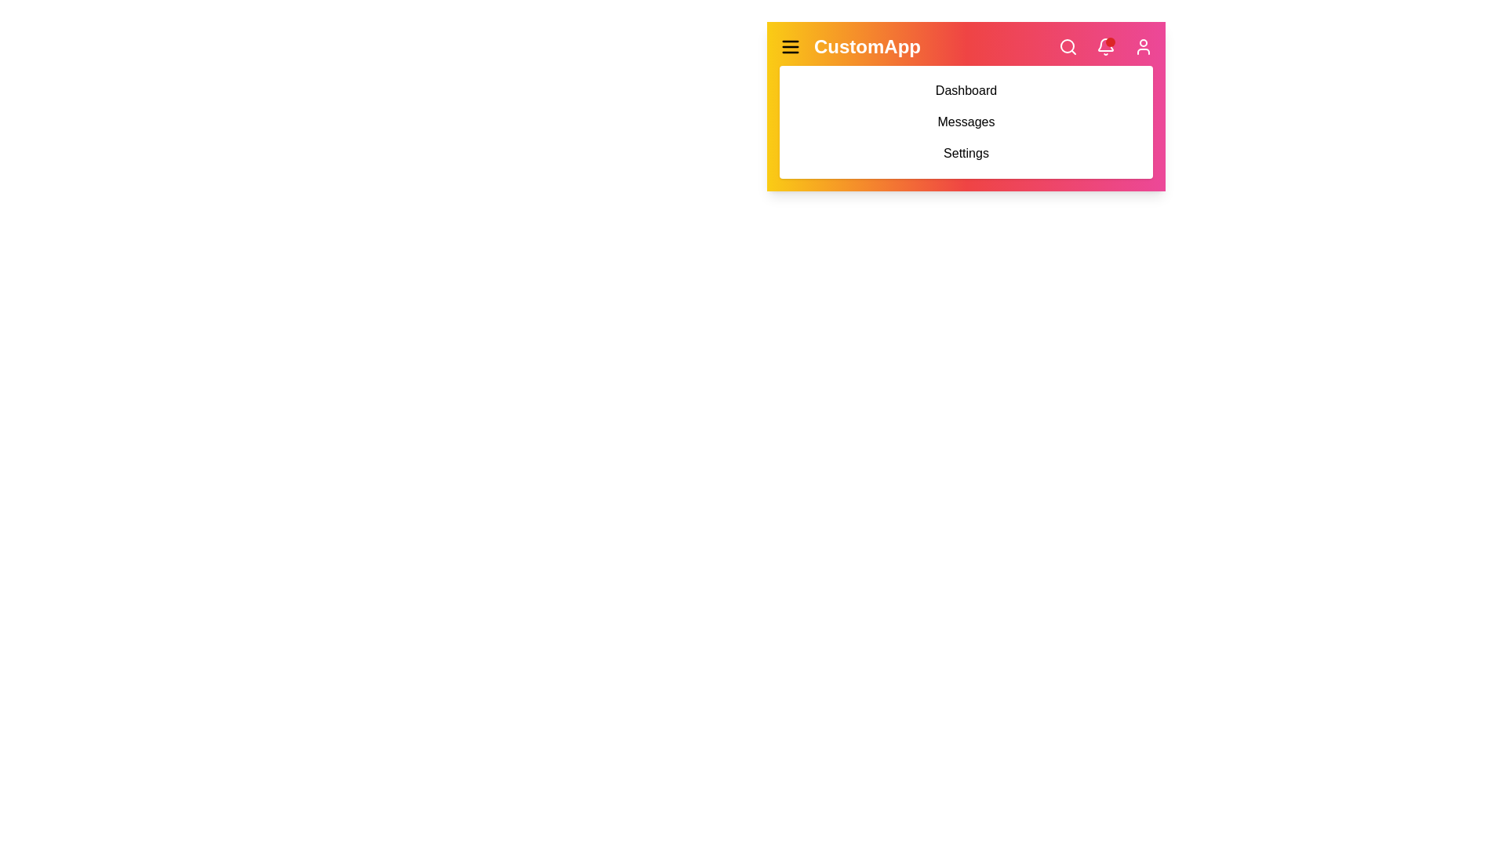 The height and width of the screenshot is (847, 1506). What do you see at coordinates (791, 46) in the screenshot?
I see `the hamburger icon to toggle the menu` at bounding box center [791, 46].